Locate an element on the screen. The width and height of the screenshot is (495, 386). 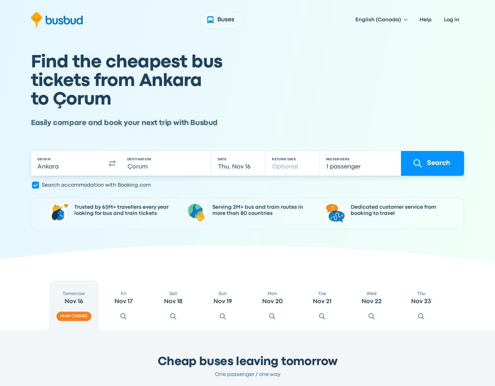
'Search' is located at coordinates (438, 163).